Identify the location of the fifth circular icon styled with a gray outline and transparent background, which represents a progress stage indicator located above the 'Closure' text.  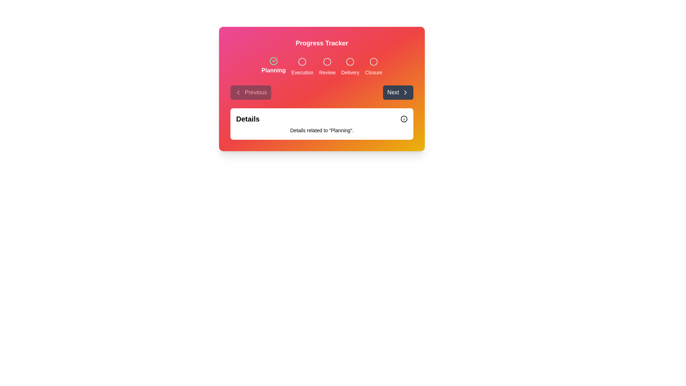
(373, 61).